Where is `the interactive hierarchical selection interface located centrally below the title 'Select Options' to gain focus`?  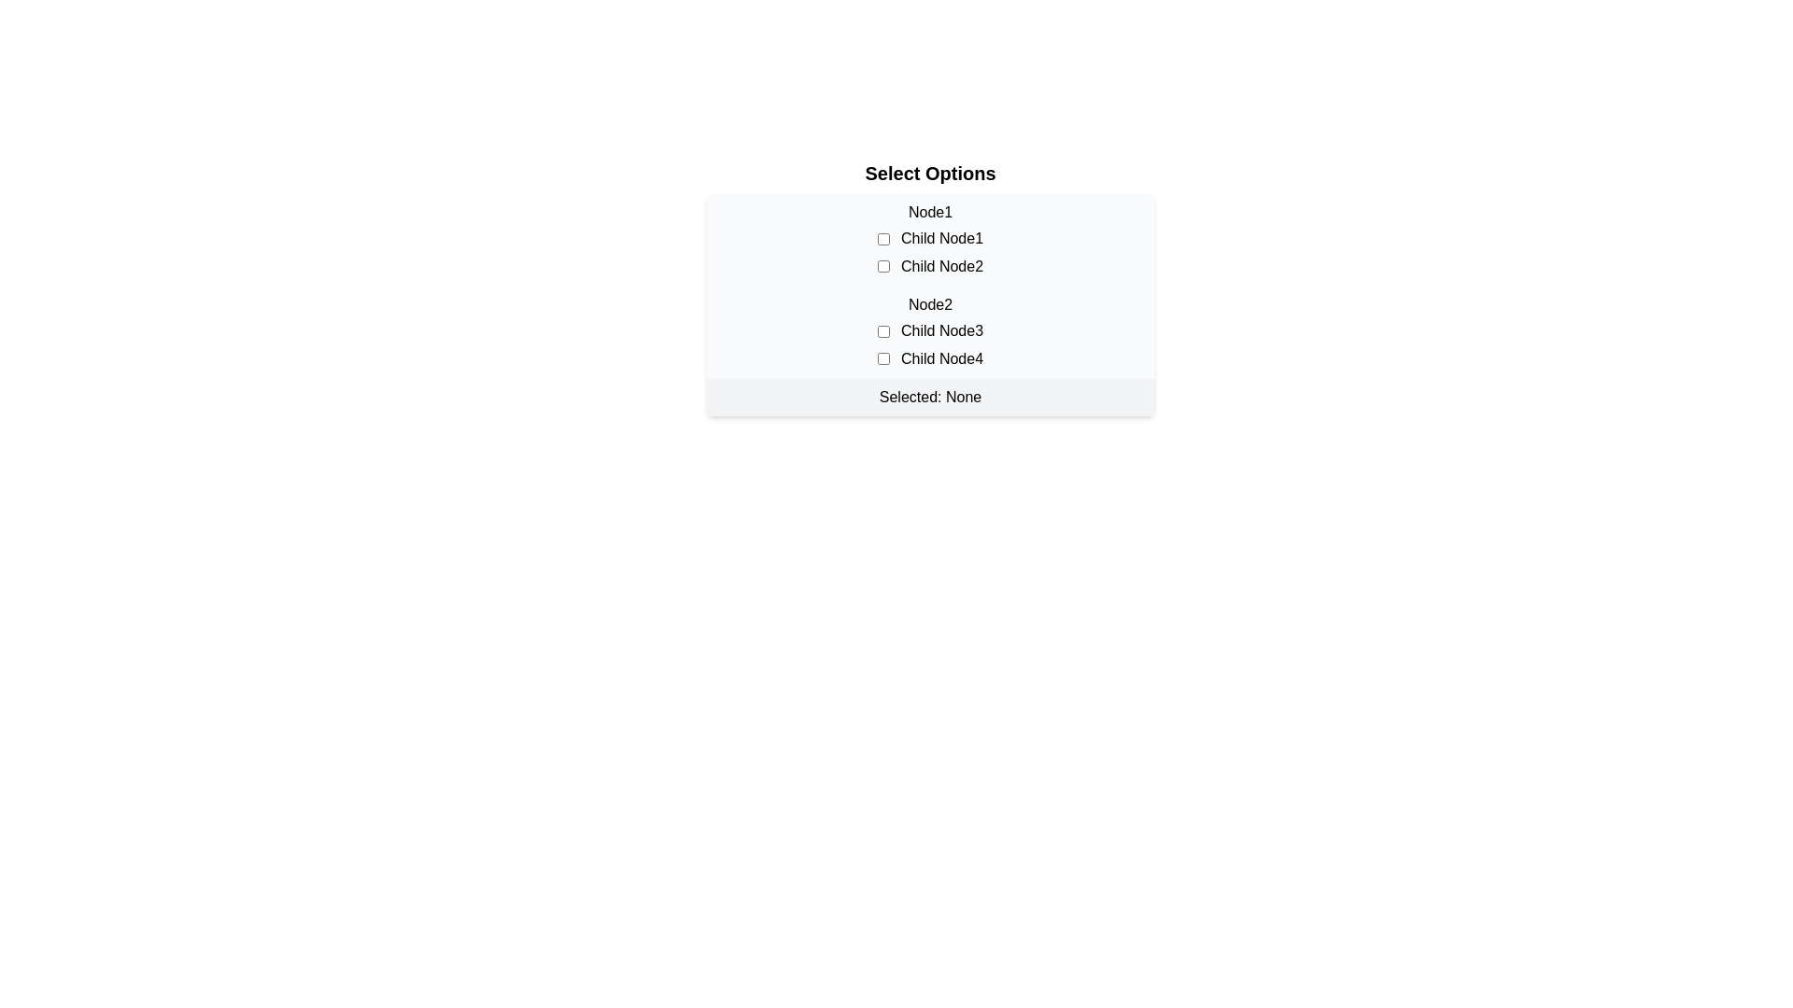
the interactive hierarchical selection interface located centrally below the title 'Select Options' to gain focus is located at coordinates (930, 287).